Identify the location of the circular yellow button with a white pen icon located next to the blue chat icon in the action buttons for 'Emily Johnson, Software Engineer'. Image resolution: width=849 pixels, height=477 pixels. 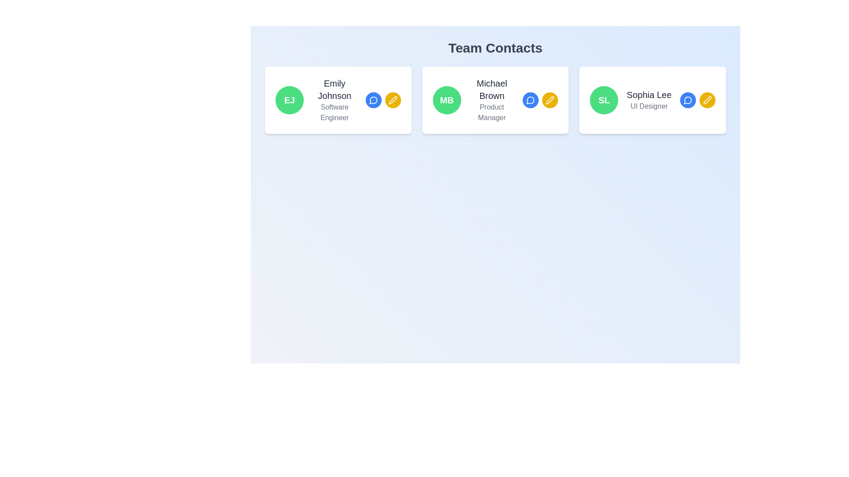
(392, 100).